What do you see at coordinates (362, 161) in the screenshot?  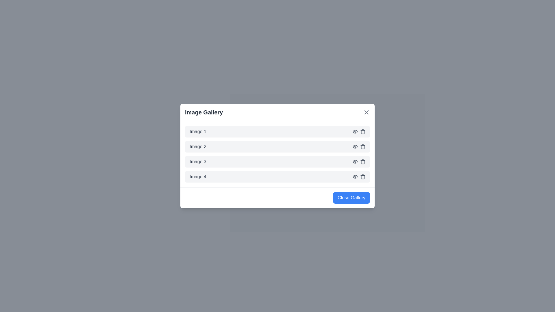 I see `the trash can icon, which is the second element from the right in a horizontal group of icons in the modal window` at bounding box center [362, 161].